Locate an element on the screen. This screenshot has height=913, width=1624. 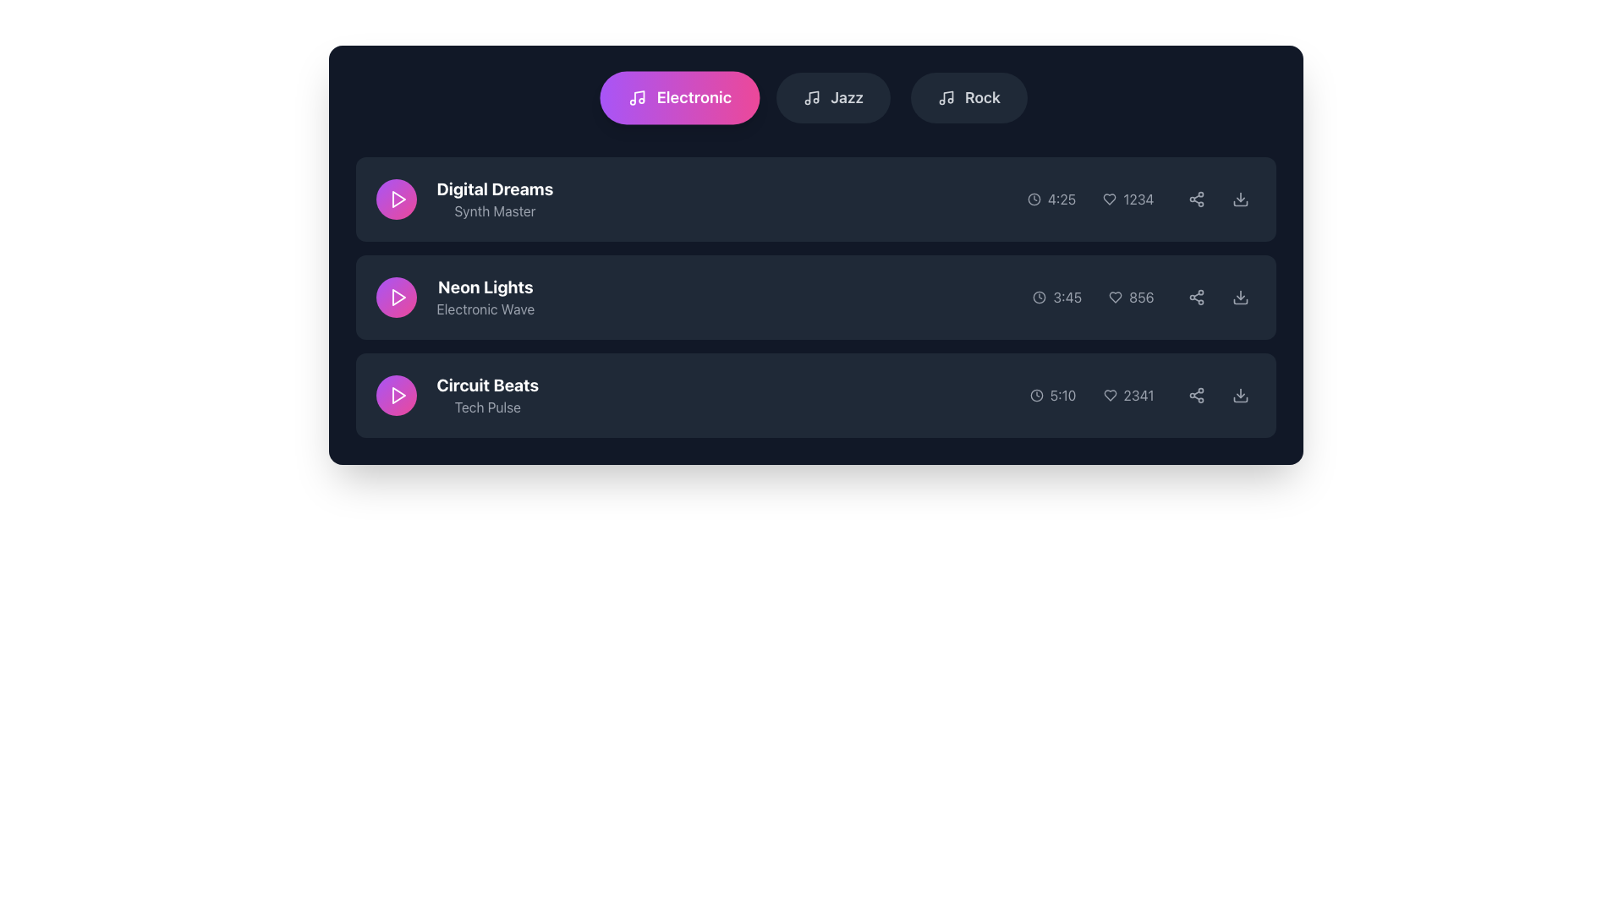
the bold white text label reading 'Neon Lights' situated in a dark rectangular background, as it is the primary title between 'Digital Dreams' and 'Circuit Beats' is located at coordinates (485, 286).